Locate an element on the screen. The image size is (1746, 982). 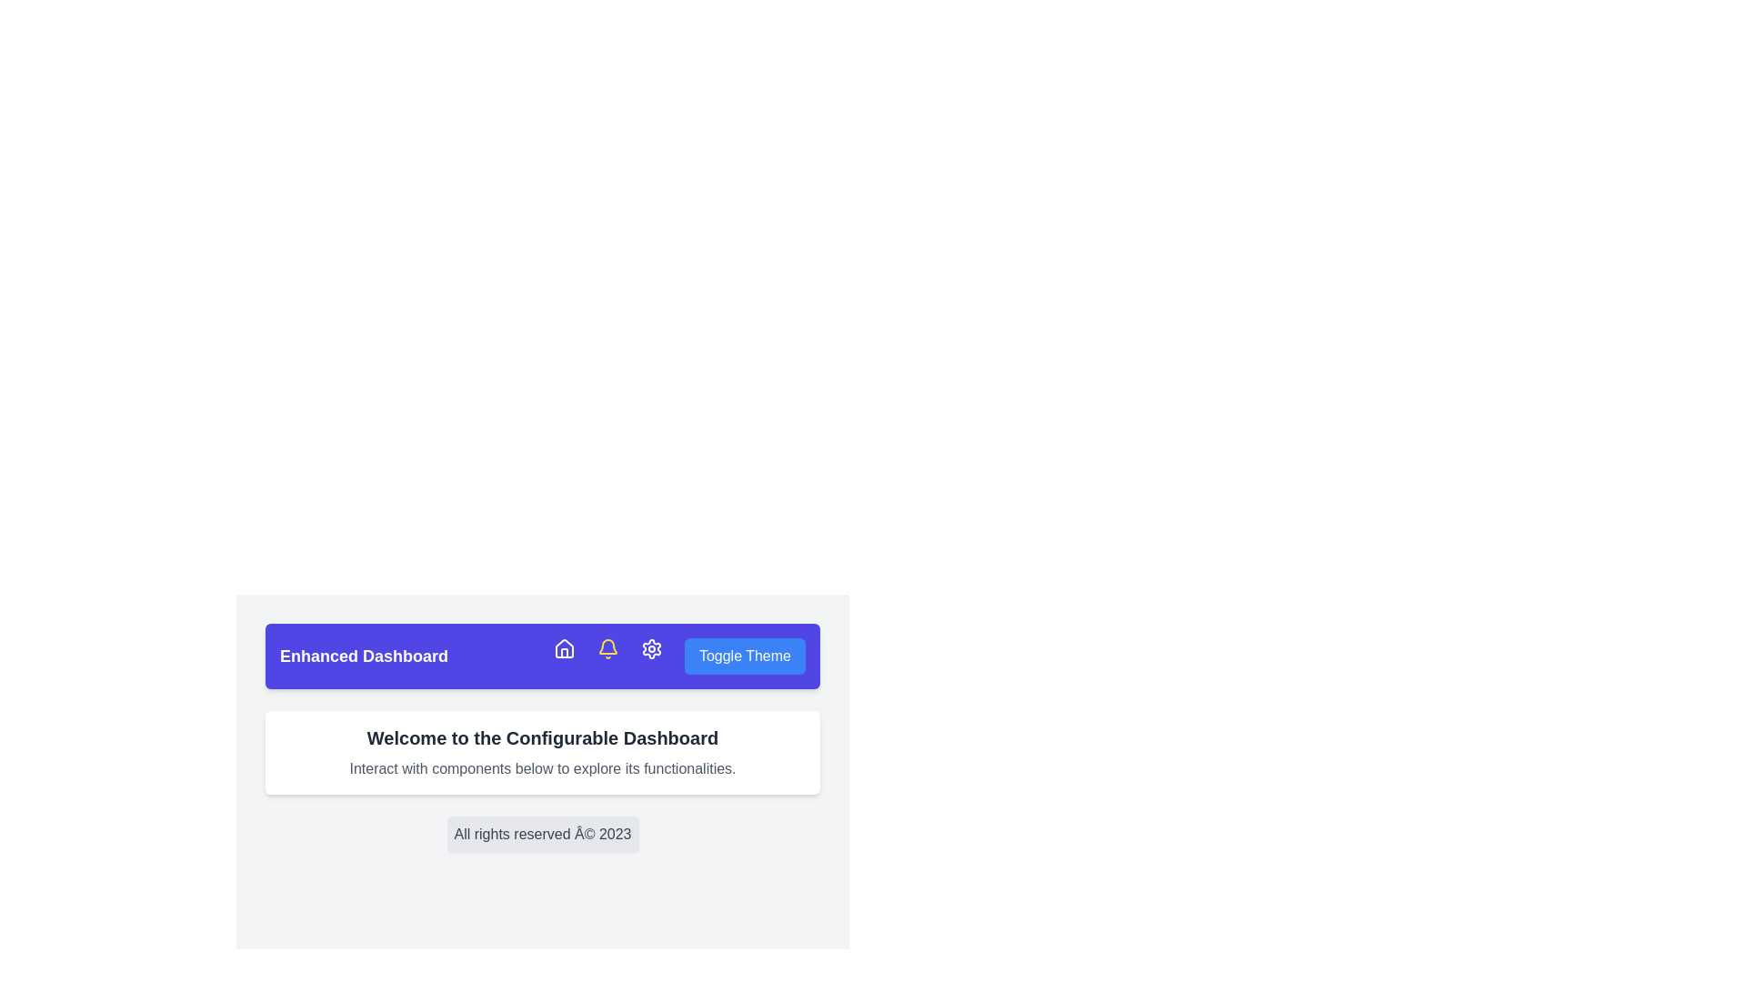
the bell icon located in the top center navigation bar to trigger a tooltip or animation is located at coordinates (607, 647).